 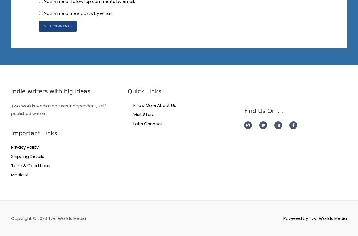 I want to click on 'Notify me of new posts by email.', so click(x=78, y=13).